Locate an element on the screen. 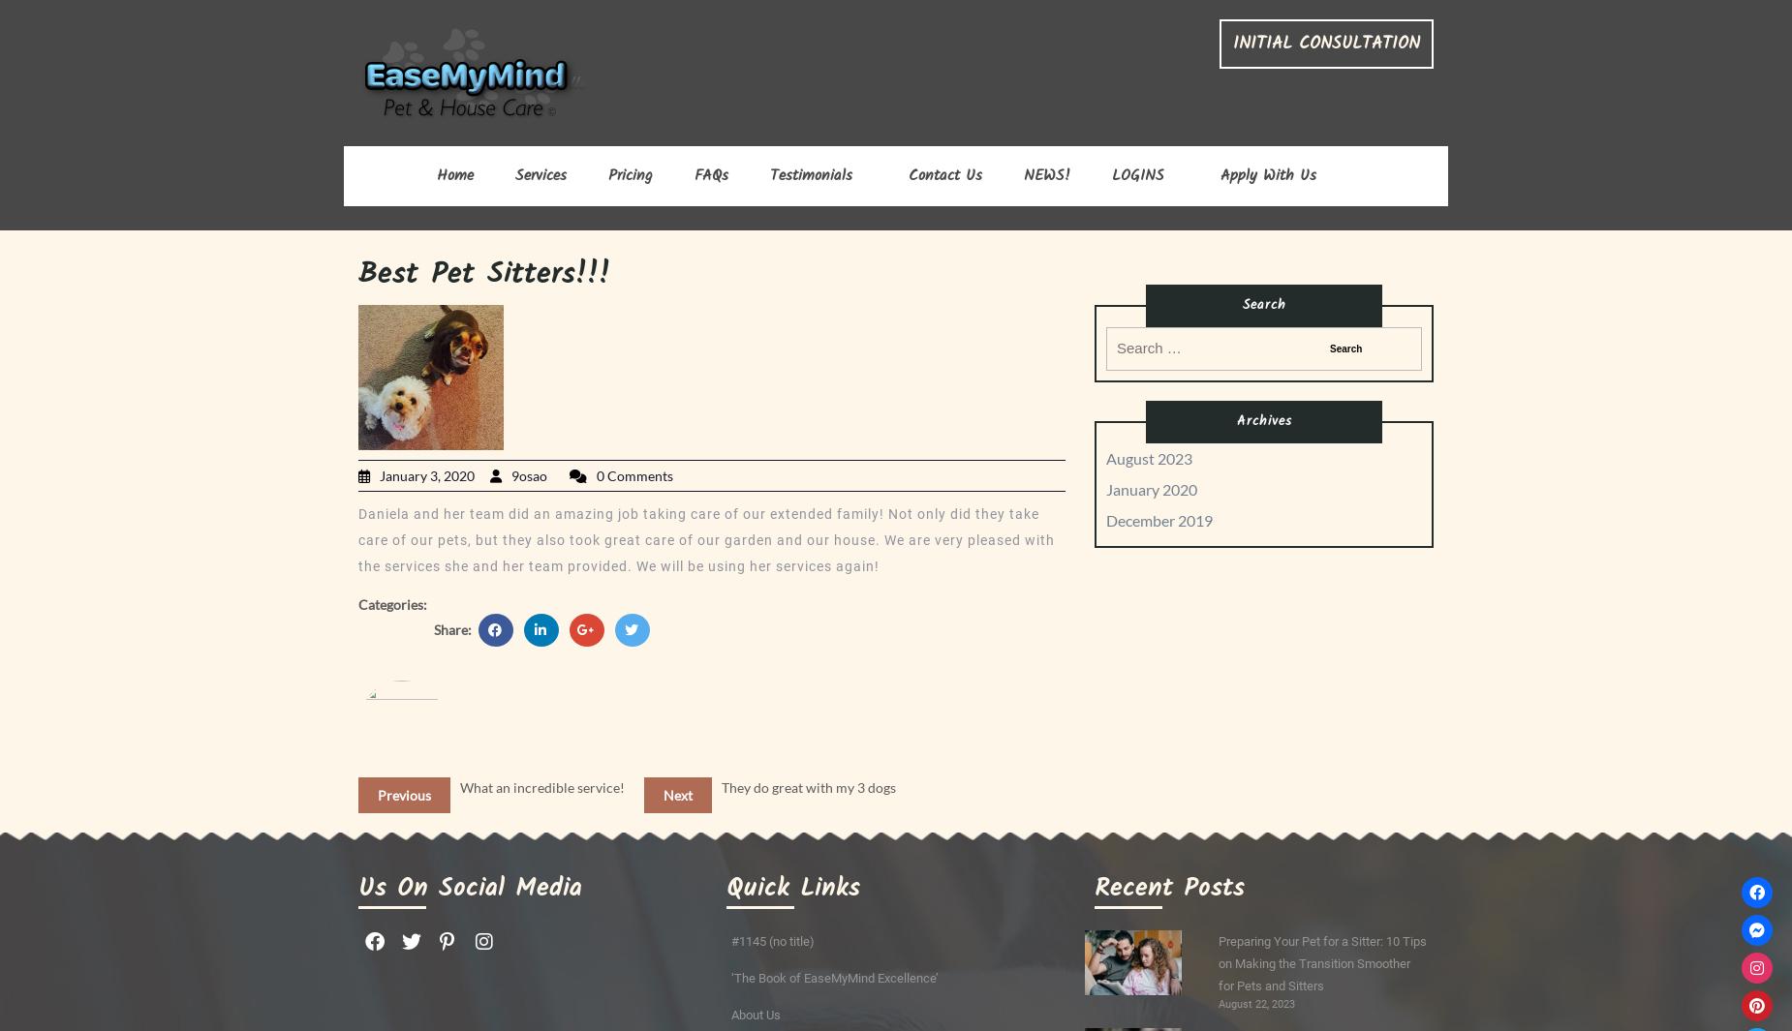  '‘The Book of EaseMyMind Excellence’' is located at coordinates (834, 978).